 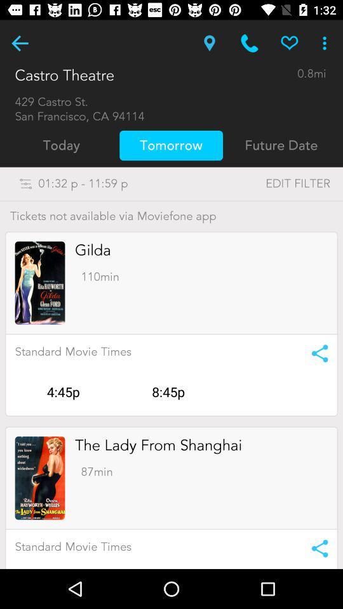 I want to click on share the movie, so click(x=315, y=353).